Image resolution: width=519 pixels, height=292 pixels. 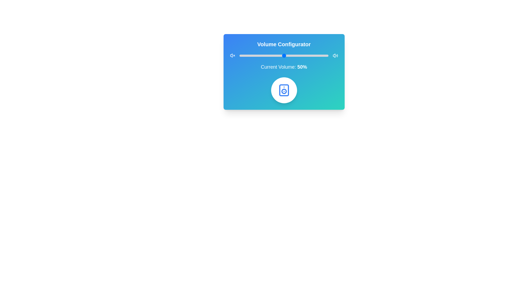 What do you see at coordinates (321, 55) in the screenshot?
I see `the volume slider to set the volume to 92%` at bounding box center [321, 55].